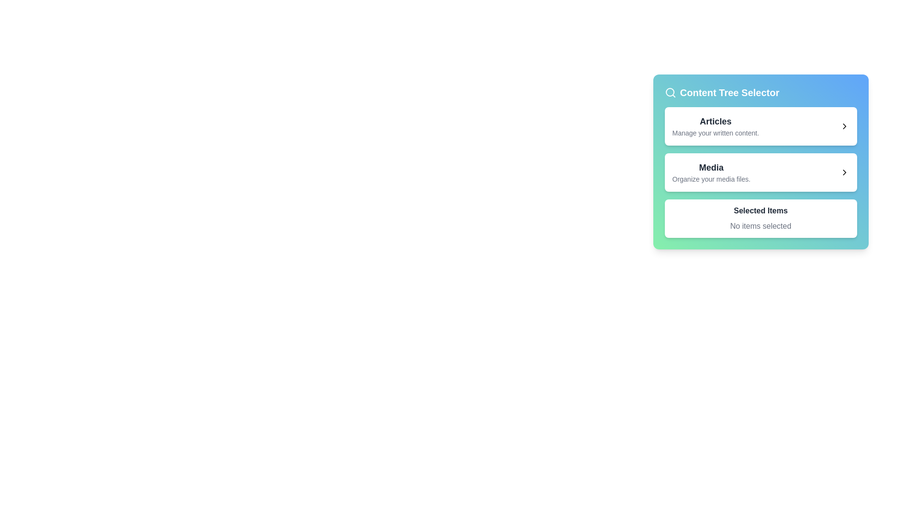 This screenshot has width=923, height=519. I want to click on the small right chevron icon with a thin black stroke adjacent to the 'Articles' label in the 'Content Tree Selector' interface, so click(844, 125).